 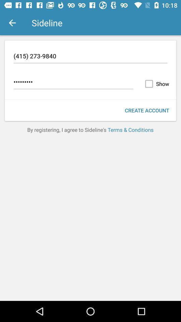 I want to click on icon to the left of the sideline item, so click(x=12, y=23).